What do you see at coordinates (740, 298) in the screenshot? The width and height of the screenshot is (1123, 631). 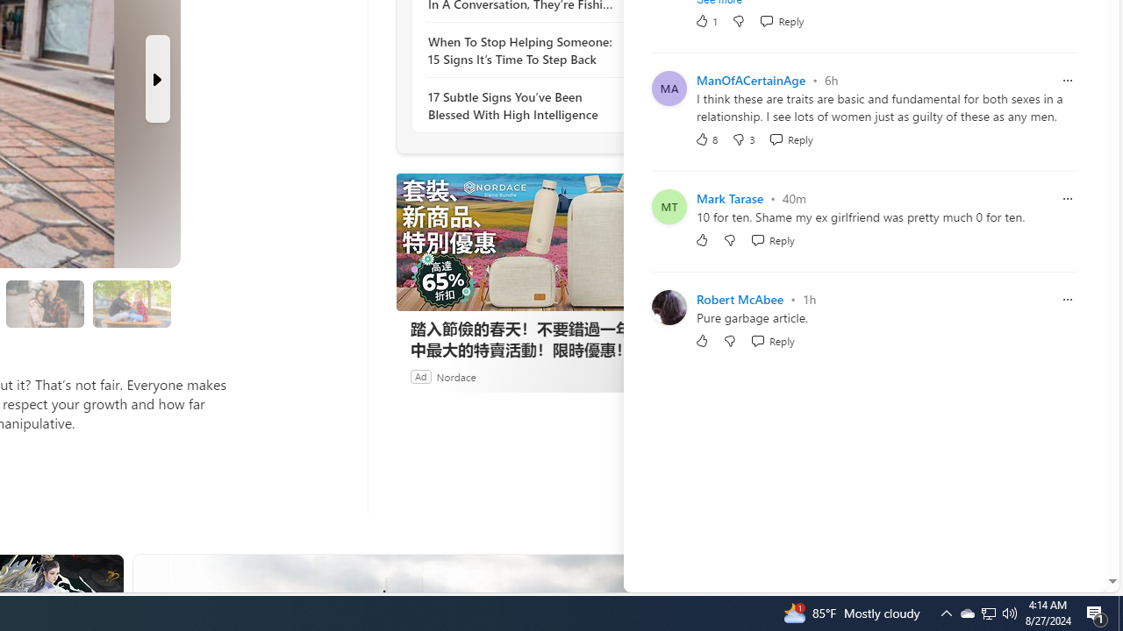 I see `'Robert McAbee'` at bounding box center [740, 298].